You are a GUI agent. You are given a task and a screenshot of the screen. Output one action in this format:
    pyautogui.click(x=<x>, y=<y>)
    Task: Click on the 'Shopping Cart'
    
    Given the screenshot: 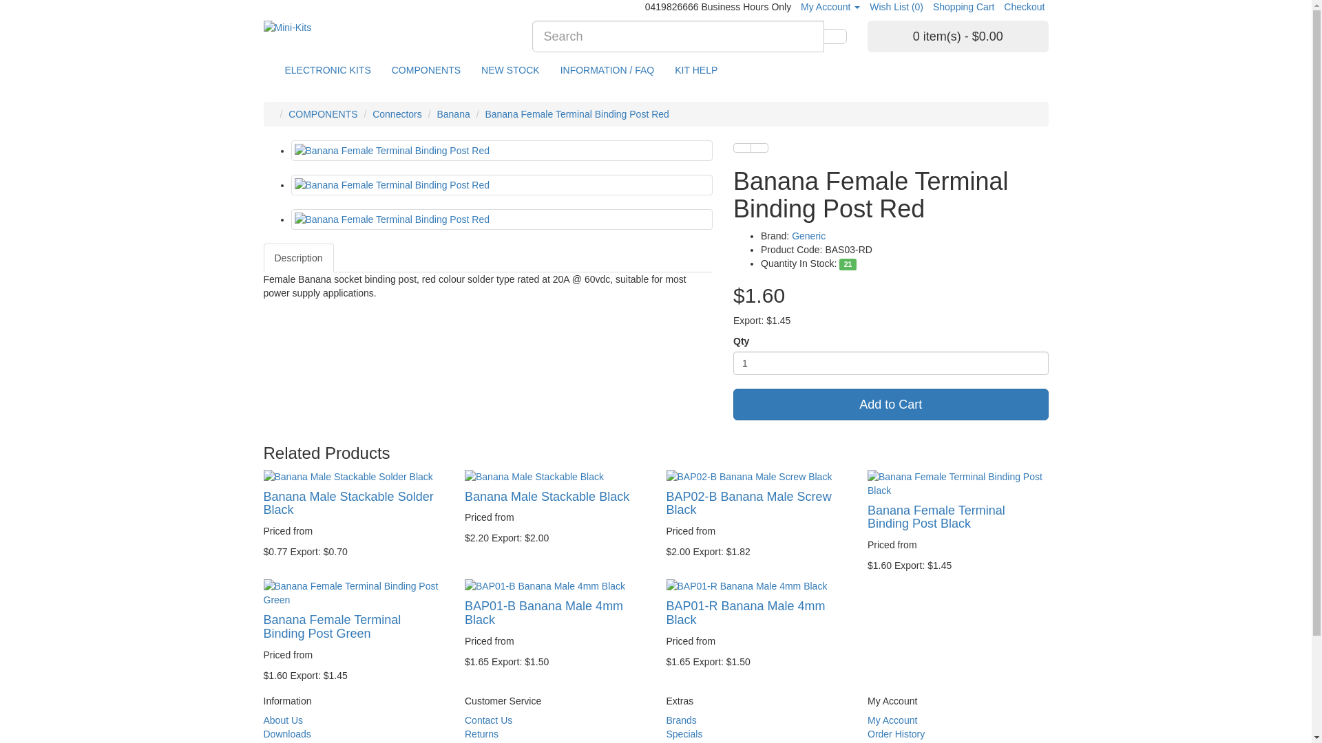 What is the action you would take?
    pyautogui.click(x=963, y=7)
    